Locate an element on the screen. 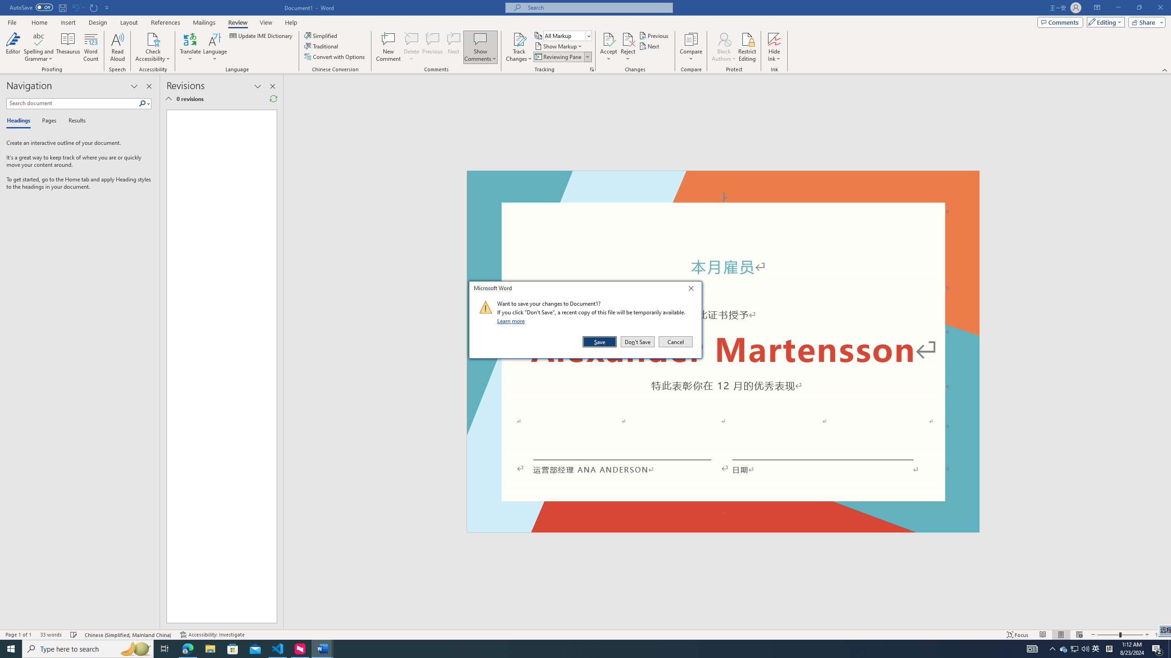 The image size is (1171, 658). 'Class: NetUIScrollBar' is located at coordinates (1167, 351).